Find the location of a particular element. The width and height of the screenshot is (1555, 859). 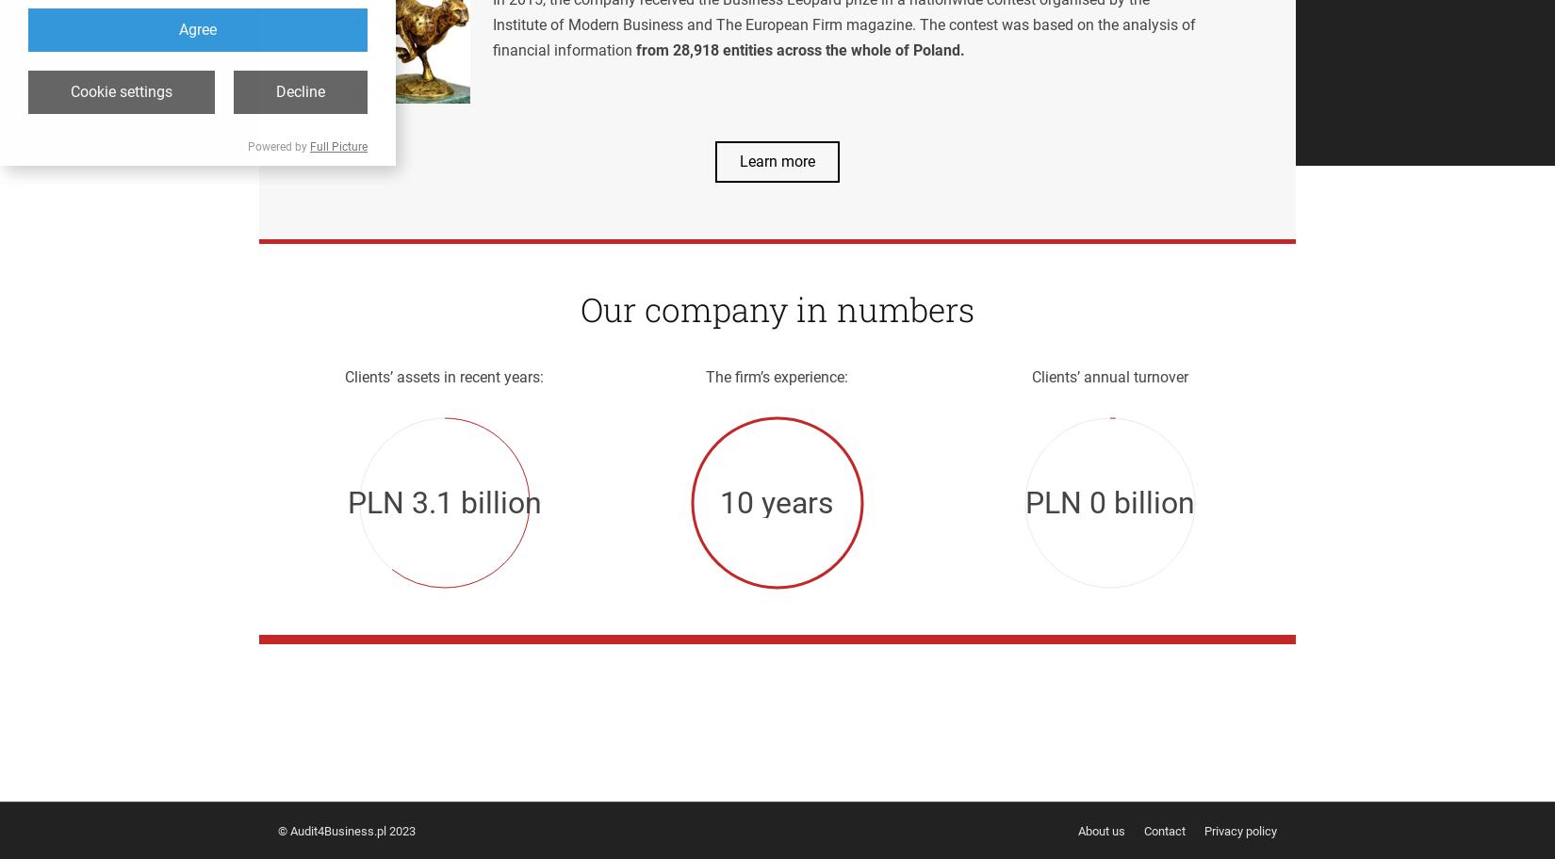

'10' is located at coordinates (718, 501).